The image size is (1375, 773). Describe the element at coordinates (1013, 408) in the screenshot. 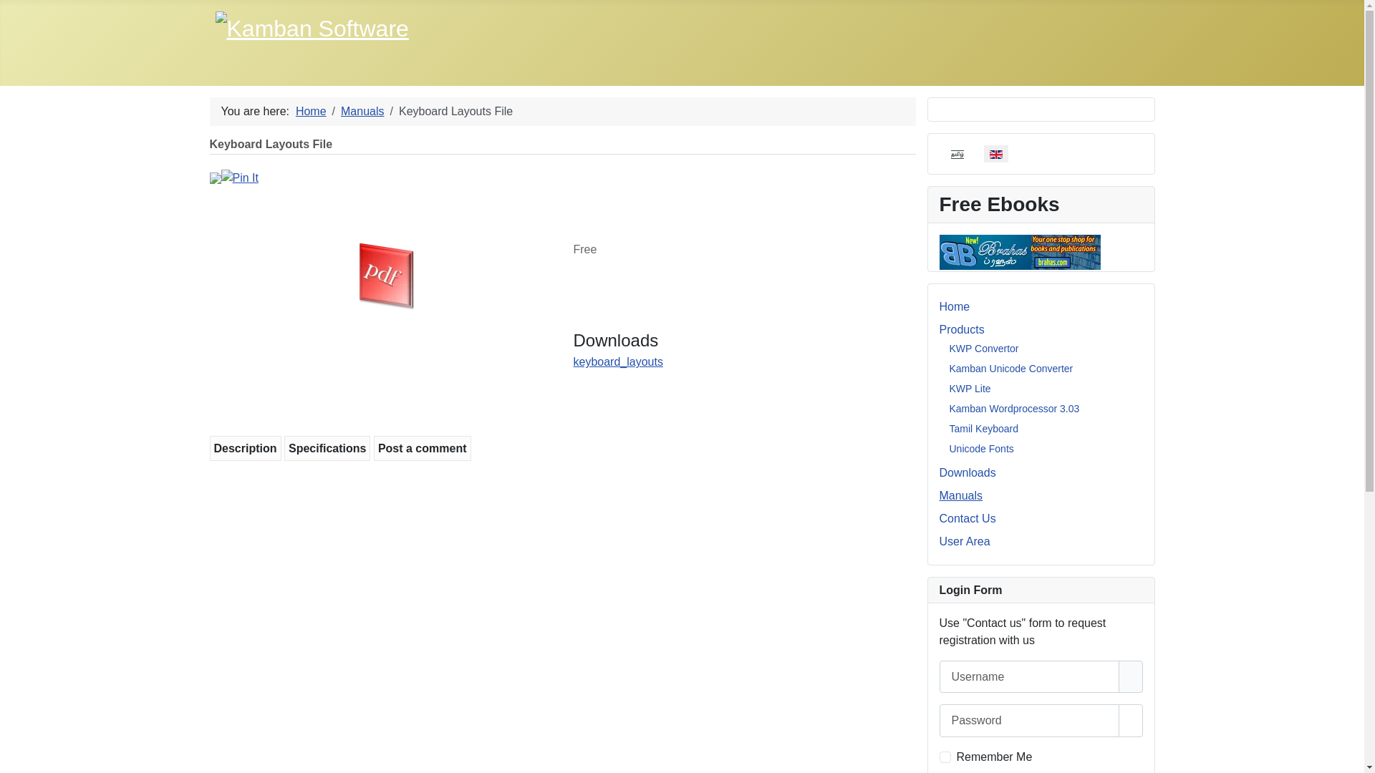

I see `'Kamban Wordprocessor 3.03'` at that location.